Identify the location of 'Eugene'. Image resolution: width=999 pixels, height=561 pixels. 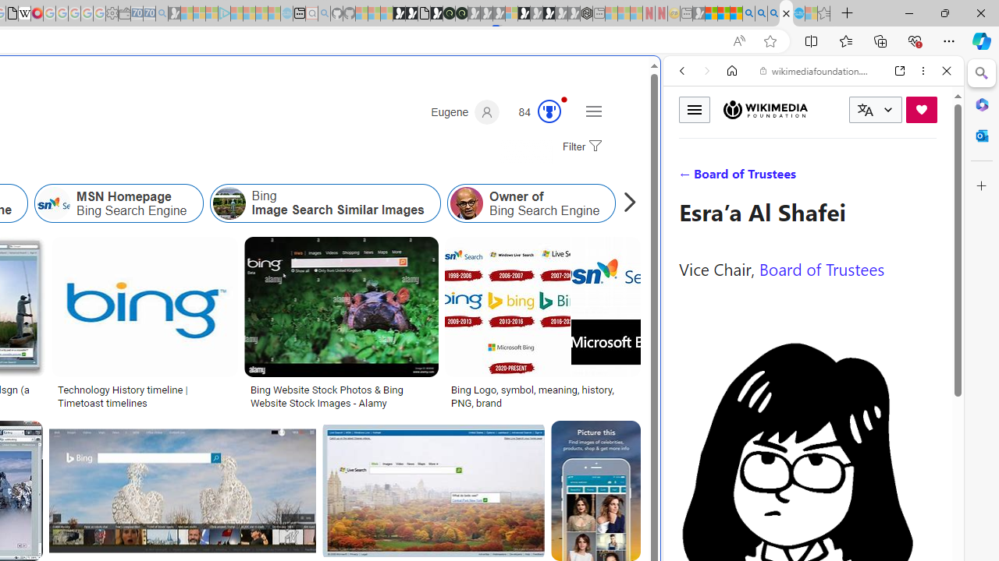
(464, 111).